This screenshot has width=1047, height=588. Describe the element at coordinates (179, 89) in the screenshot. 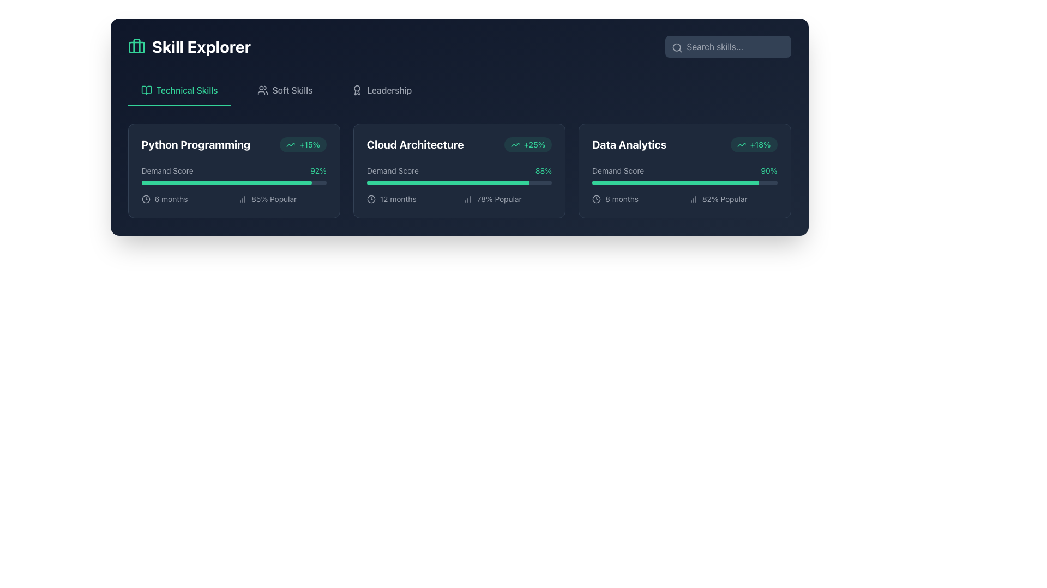

I see `the navigation button for the 'Technical Skills' section located in the top-left of the interface to update the main display area with technical skills-related information` at that location.